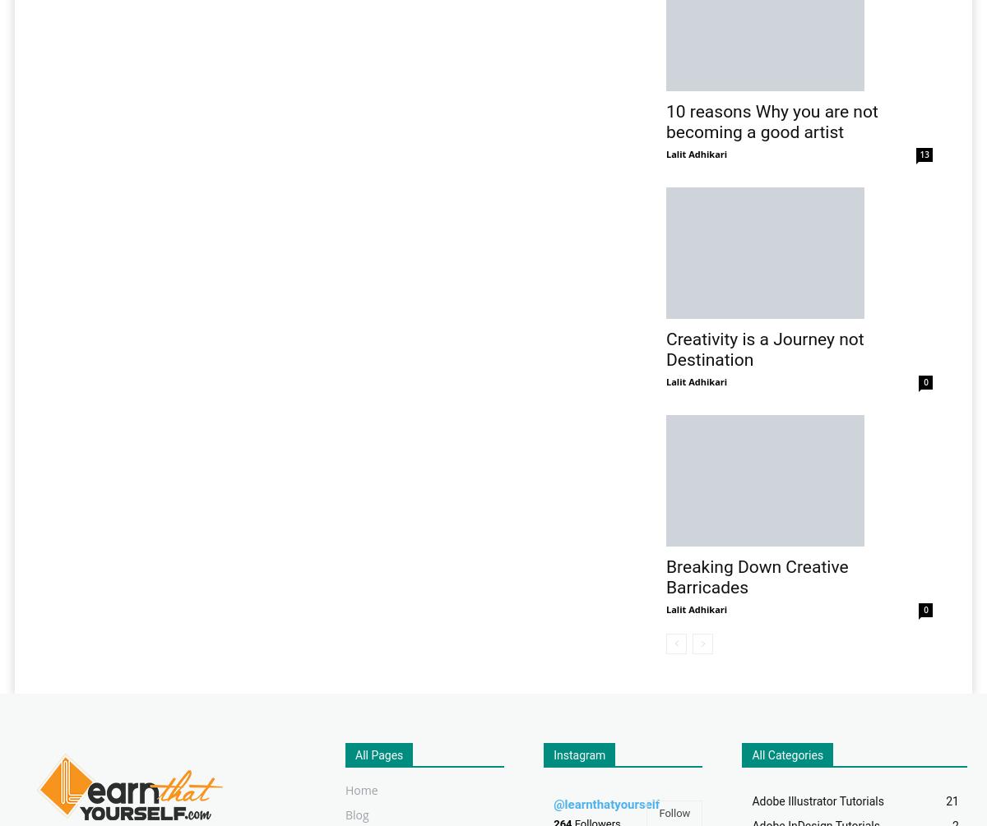 The width and height of the screenshot is (987, 826). What do you see at coordinates (665, 577) in the screenshot?
I see `'Breaking Down Creative Barricades'` at bounding box center [665, 577].